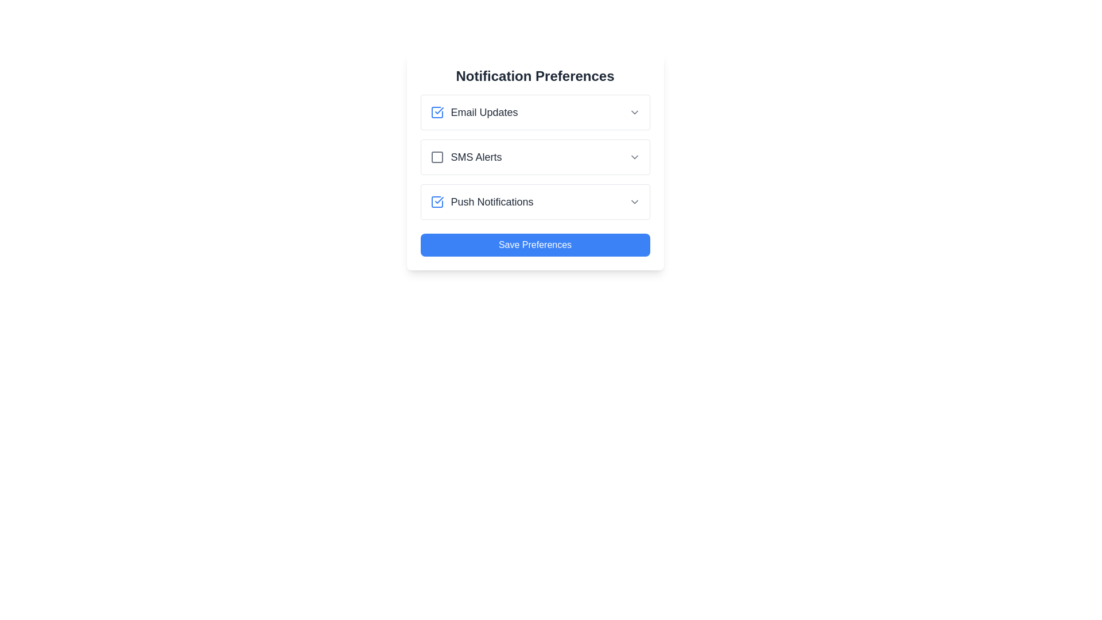  I want to click on the small square icon with rounded corners located inside the 'SMS Alerts' option within the notification preferences card, so click(436, 157).